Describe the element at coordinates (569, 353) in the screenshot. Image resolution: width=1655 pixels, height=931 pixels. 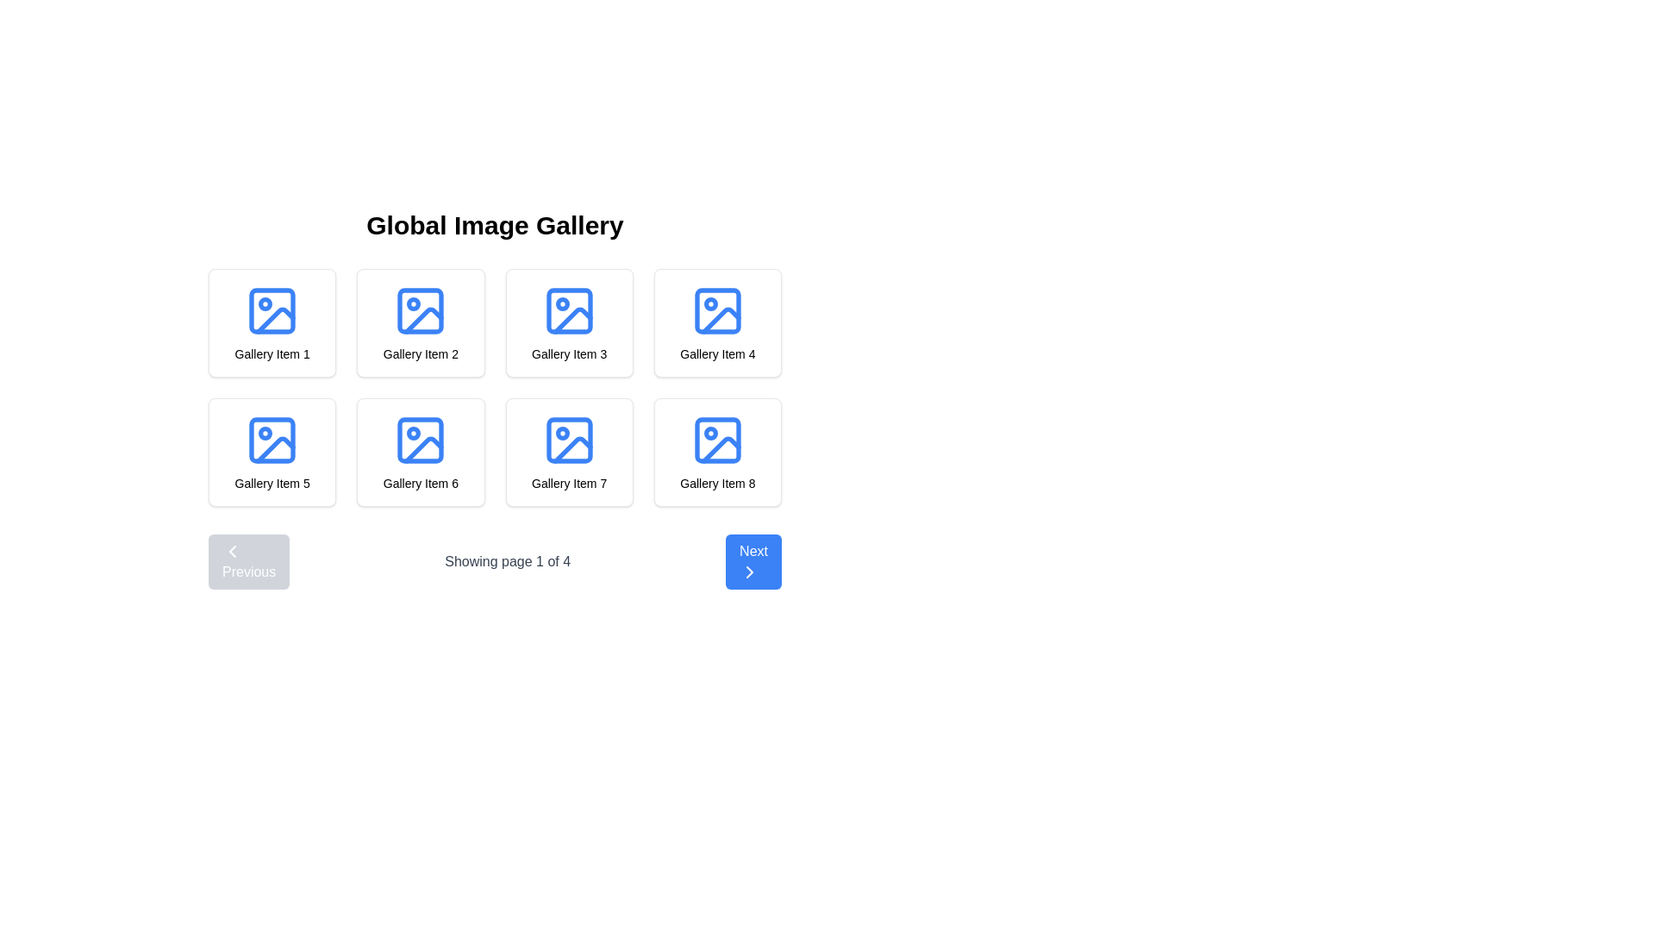
I see `text content of the third text label in the first row of the gallery grid, which provides information identifying the specific gallery item` at that location.